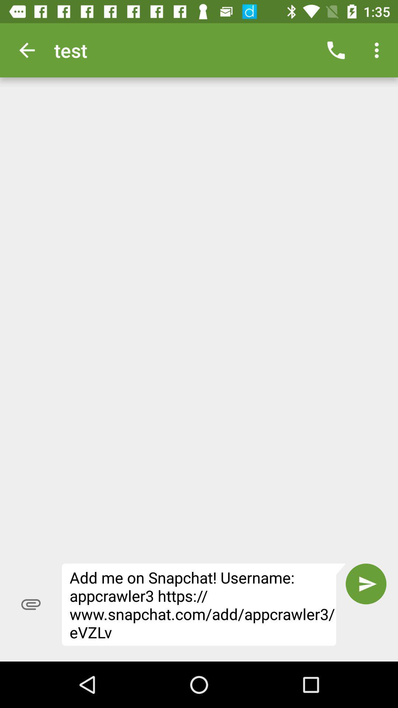  Describe the element at coordinates (31, 604) in the screenshot. I see `item next to the add me on icon` at that location.